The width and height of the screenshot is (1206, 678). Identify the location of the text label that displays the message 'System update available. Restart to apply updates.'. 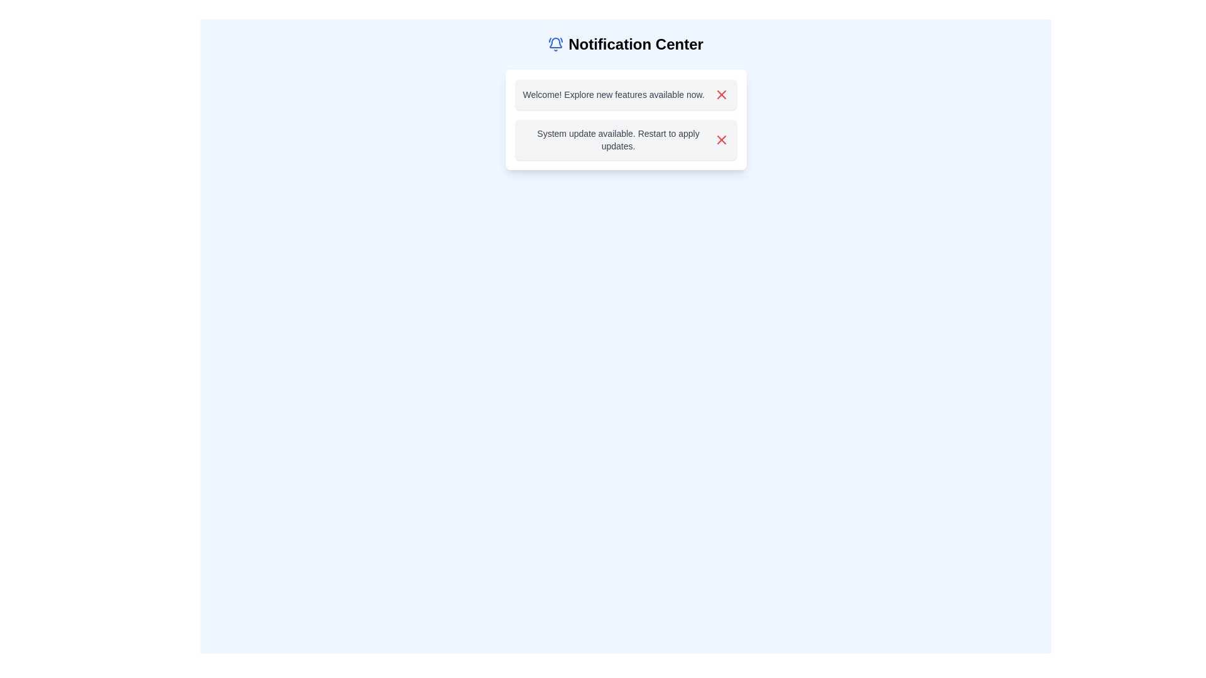
(618, 140).